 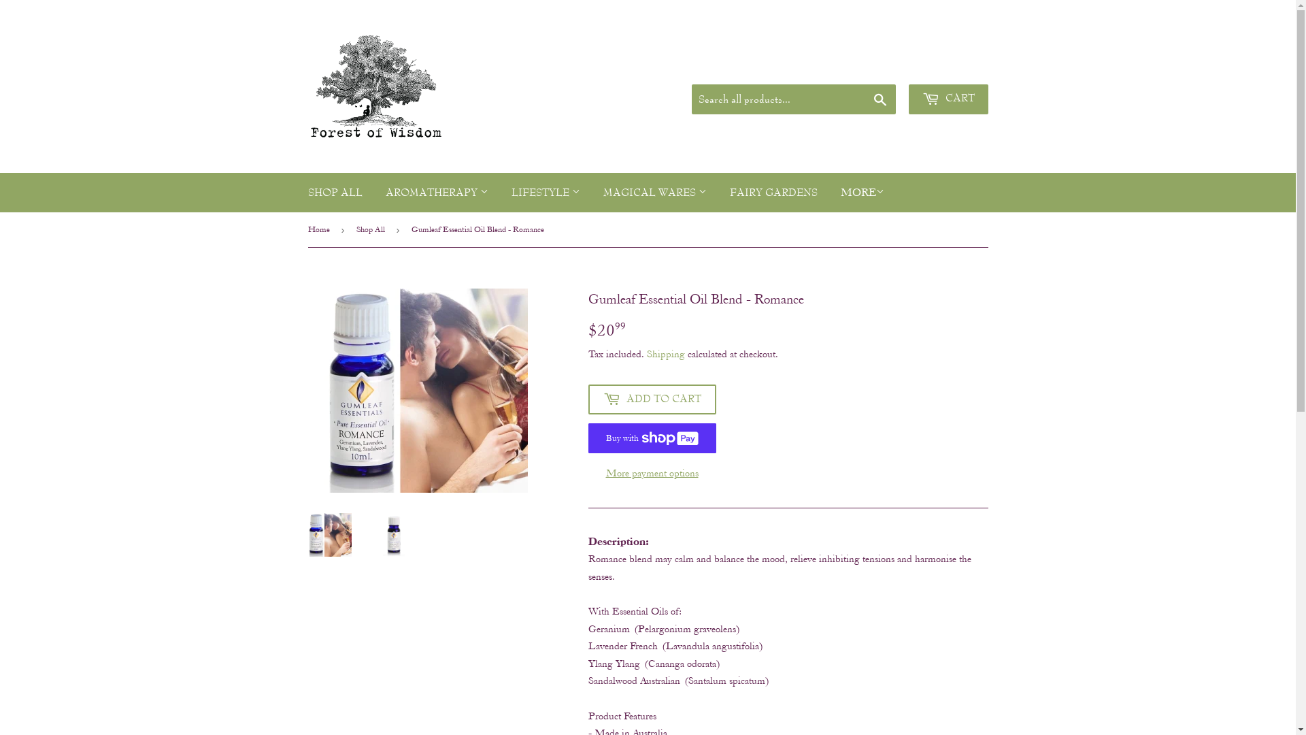 I want to click on 'MORE', so click(x=828, y=192).